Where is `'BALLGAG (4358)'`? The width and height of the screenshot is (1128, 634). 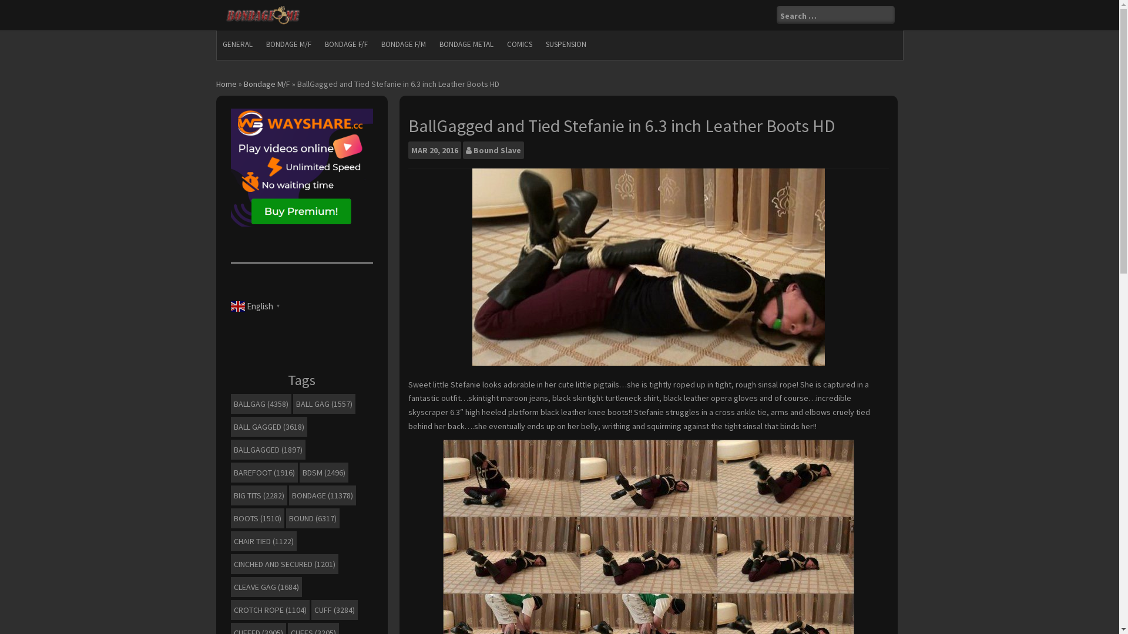
'BALLGAG (4358)' is located at coordinates (260, 403).